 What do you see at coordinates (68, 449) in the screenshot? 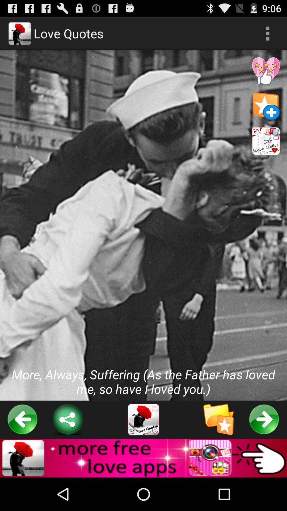
I see `the share icon` at bounding box center [68, 449].